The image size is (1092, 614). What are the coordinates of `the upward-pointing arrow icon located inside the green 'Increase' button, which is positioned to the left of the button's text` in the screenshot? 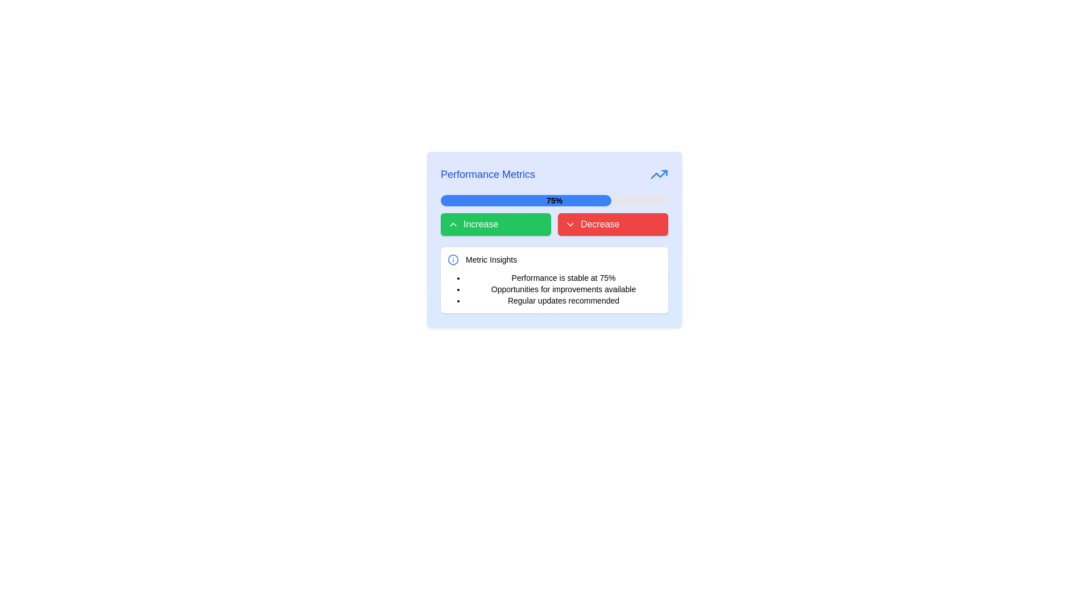 It's located at (452, 224).